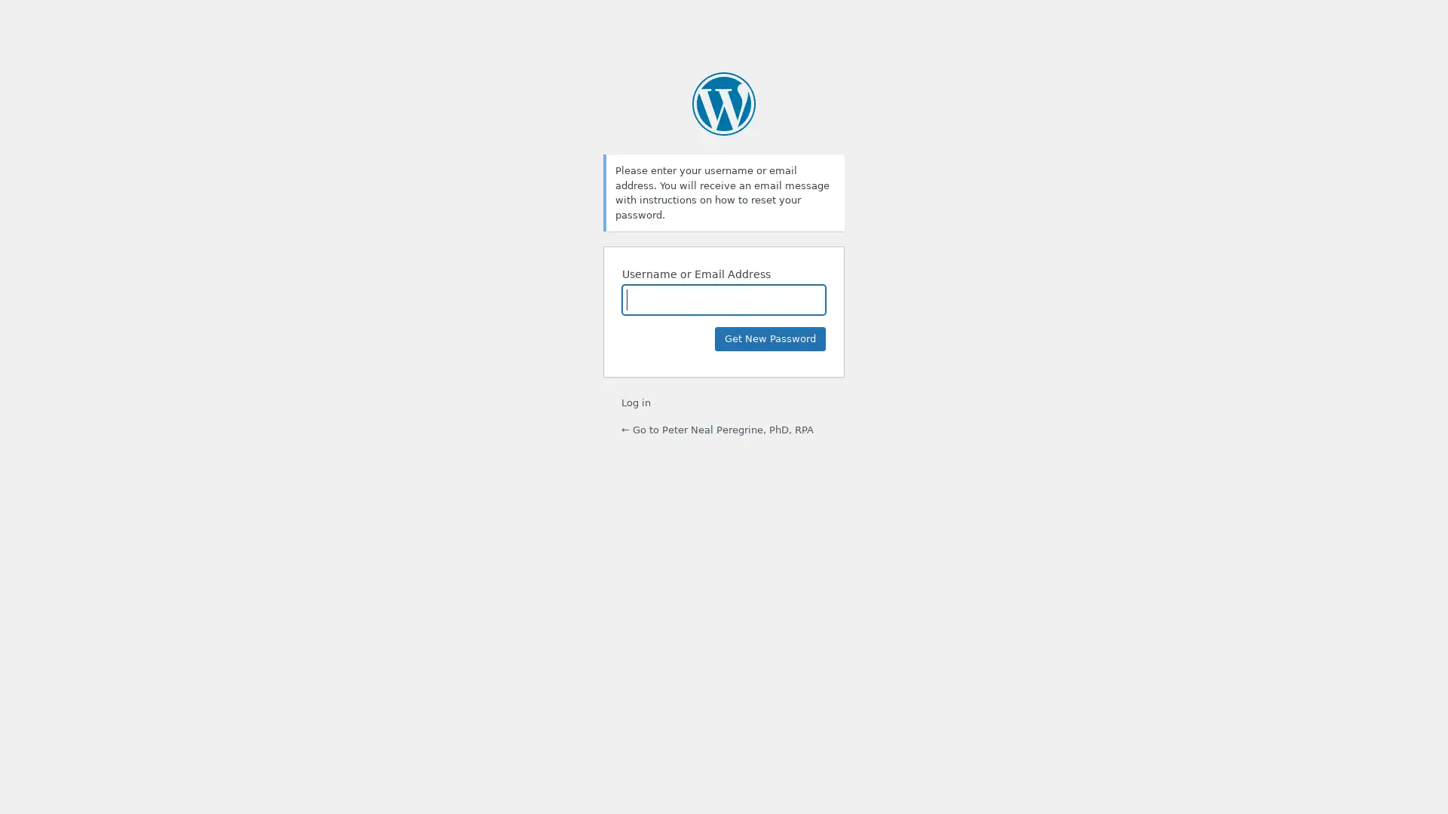 This screenshot has height=814, width=1448. Describe the element at coordinates (770, 339) in the screenshot. I see `Get New Password` at that location.